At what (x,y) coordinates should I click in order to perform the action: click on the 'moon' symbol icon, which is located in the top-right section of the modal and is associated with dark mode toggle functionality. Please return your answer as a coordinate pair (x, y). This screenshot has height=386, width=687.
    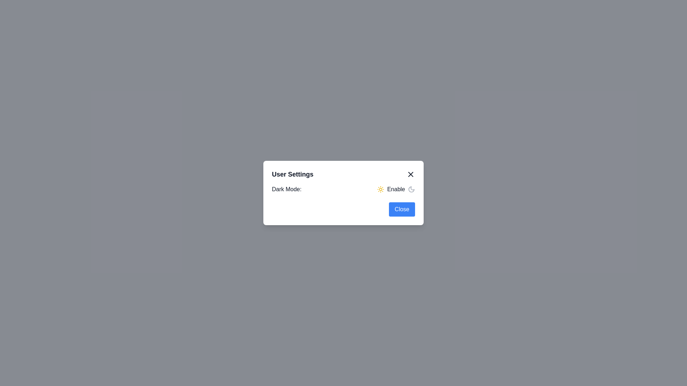
    Looking at the image, I should click on (411, 189).